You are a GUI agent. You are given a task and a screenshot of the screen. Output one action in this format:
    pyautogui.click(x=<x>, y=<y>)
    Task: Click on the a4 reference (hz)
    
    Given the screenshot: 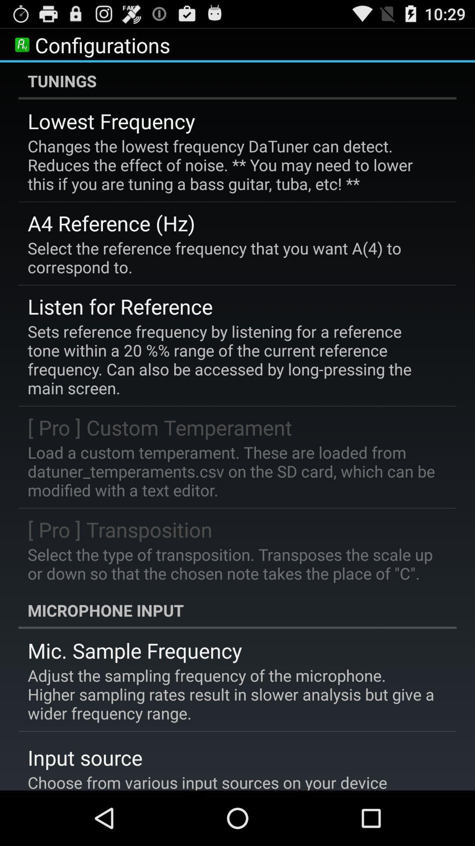 What is the action you would take?
    pyautogui.click(x=111, y=223)
    